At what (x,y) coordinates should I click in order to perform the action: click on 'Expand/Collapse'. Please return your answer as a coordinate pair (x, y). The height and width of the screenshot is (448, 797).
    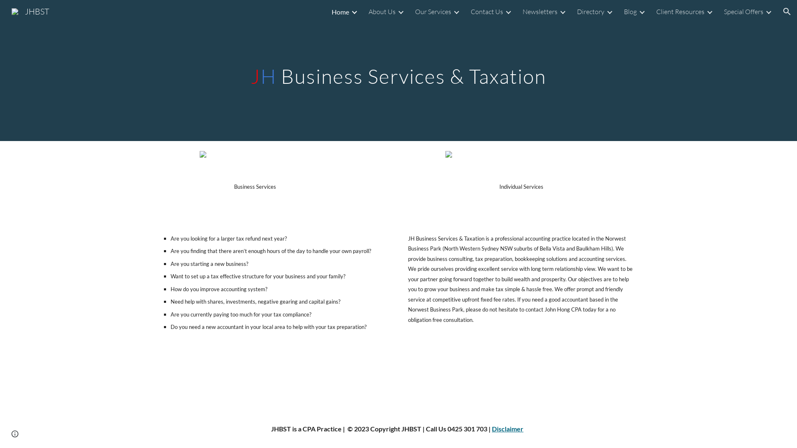
    Looking at the image, I should click on (764, 11).